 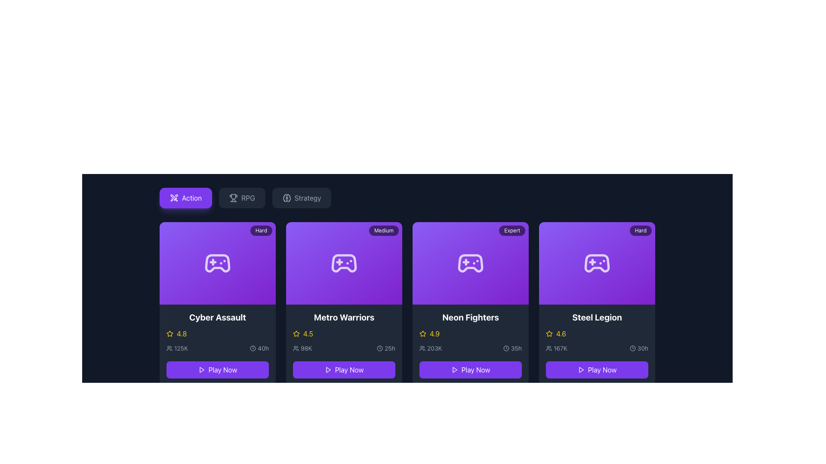 I want to click on the Text Label that serves as the title of the game within the card structure, located in the second column of the layout, so click(x=344, y=317).